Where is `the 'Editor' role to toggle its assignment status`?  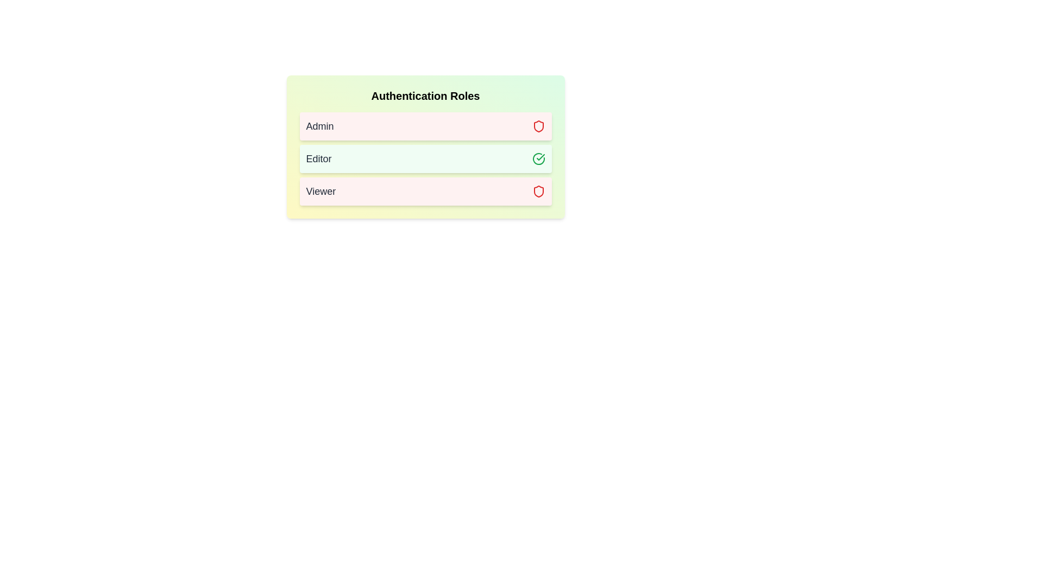
the 'Editor' role to toggle its assignment status is located at coordinates (425, 159).